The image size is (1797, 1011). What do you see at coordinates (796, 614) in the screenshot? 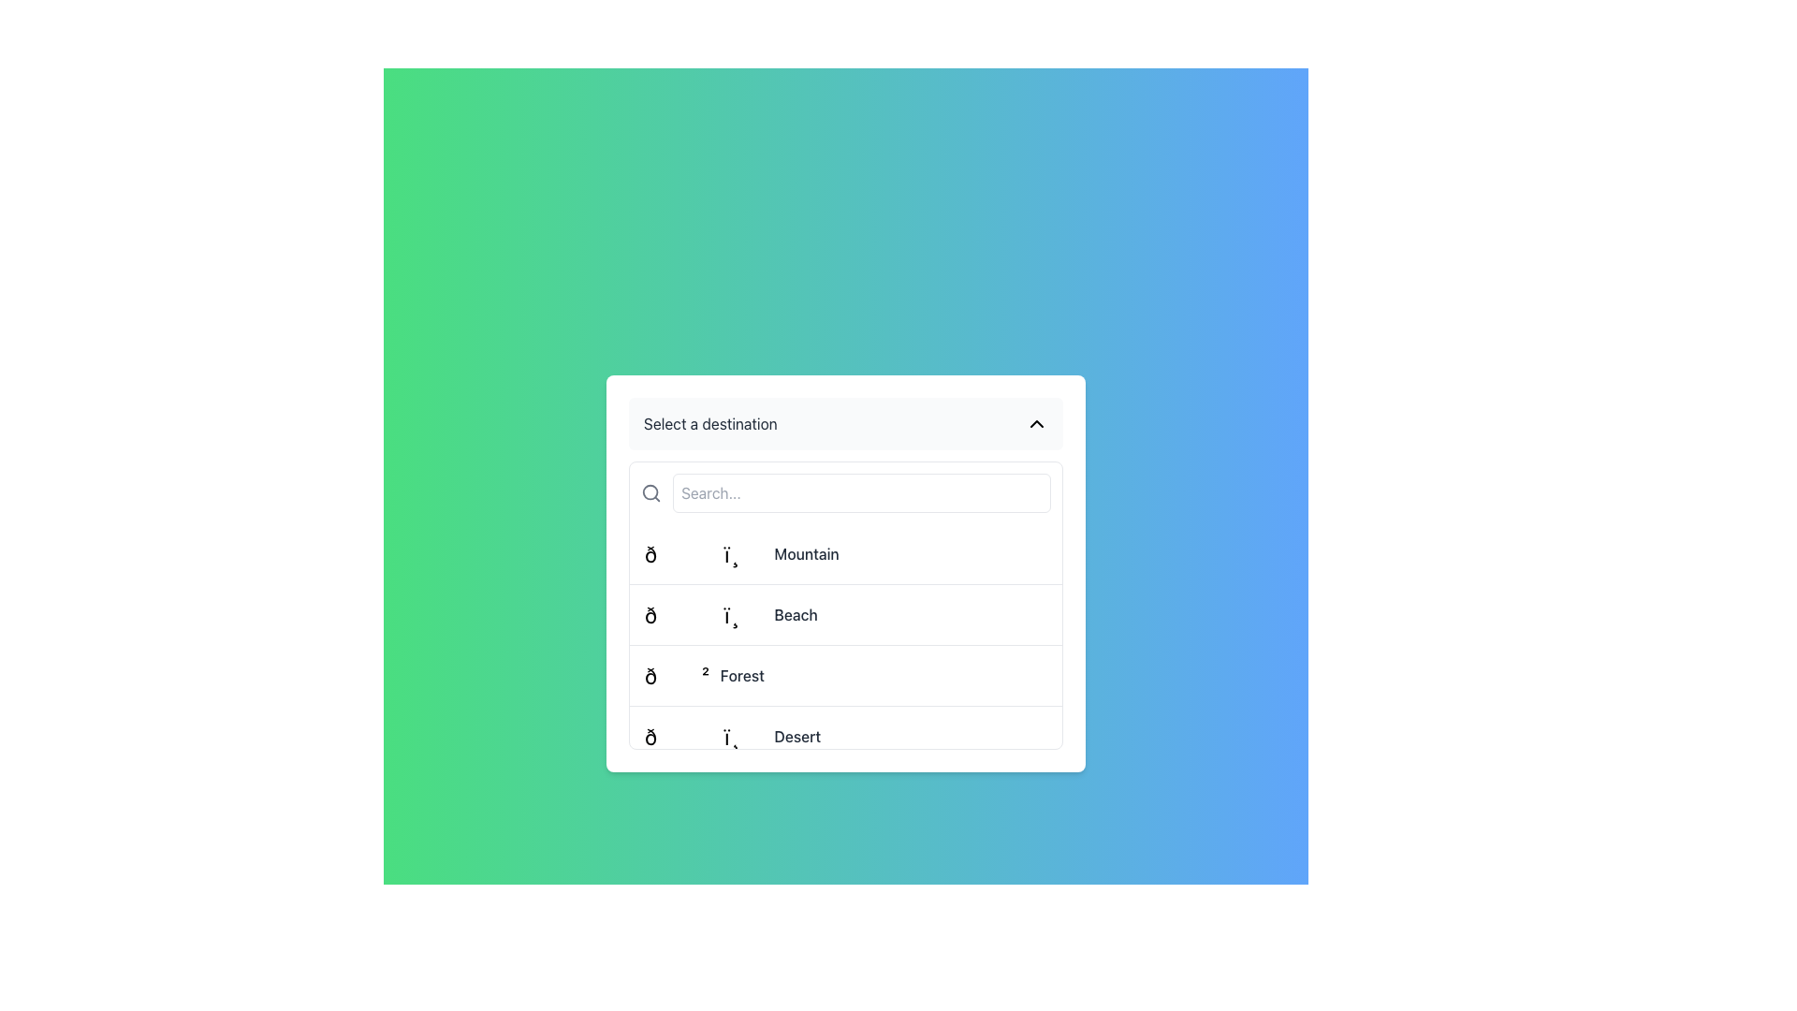
I see `text of the label that is the second entry from the top in a dropdown box, adjacent to an emoji icon` at bounding box center [796, 614].